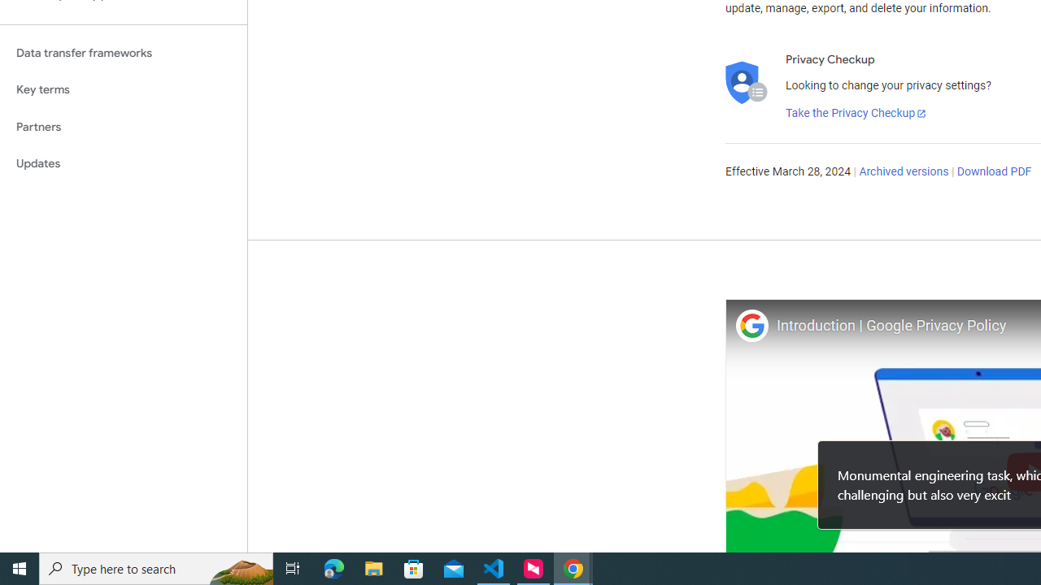 Image resolution: width=1041 pixels, height=585 pixels. What do you see at coordinates (751, 325) in the screenshot?
I see `'Photo image of Google'` at bounding box center [751, 325].